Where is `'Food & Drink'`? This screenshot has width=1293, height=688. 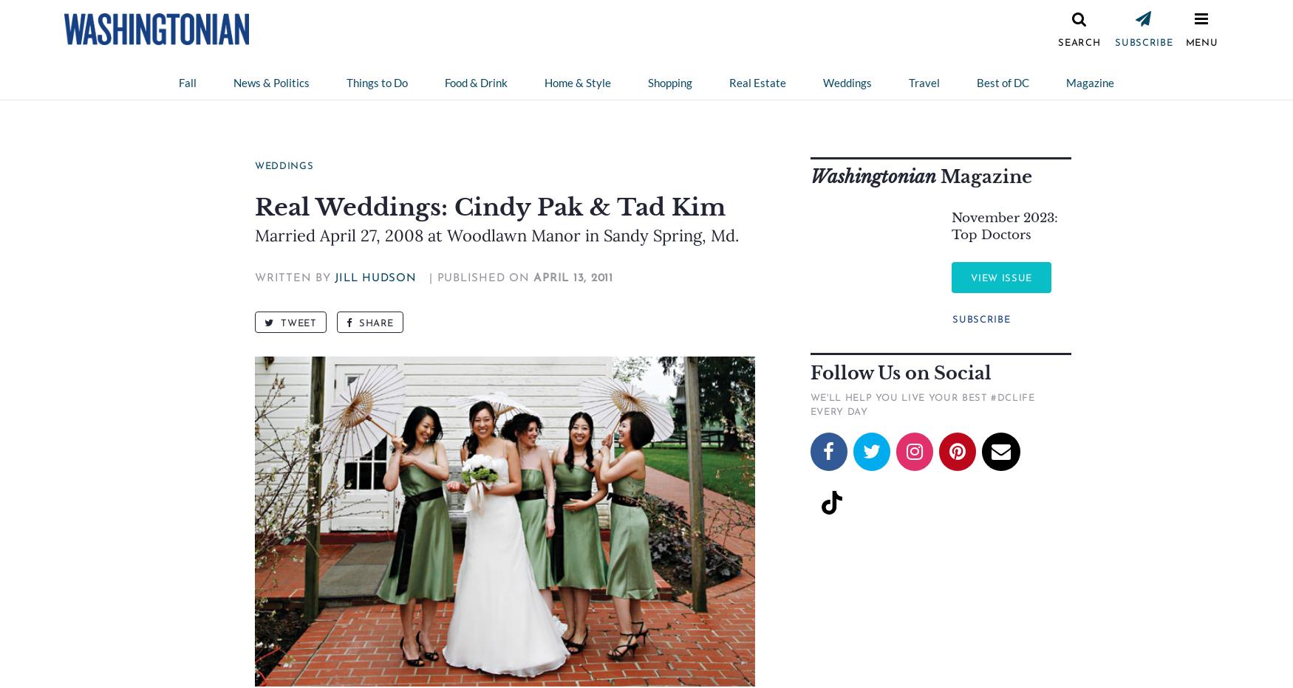 'Food & Drink' is located at coordinates (445, 83).